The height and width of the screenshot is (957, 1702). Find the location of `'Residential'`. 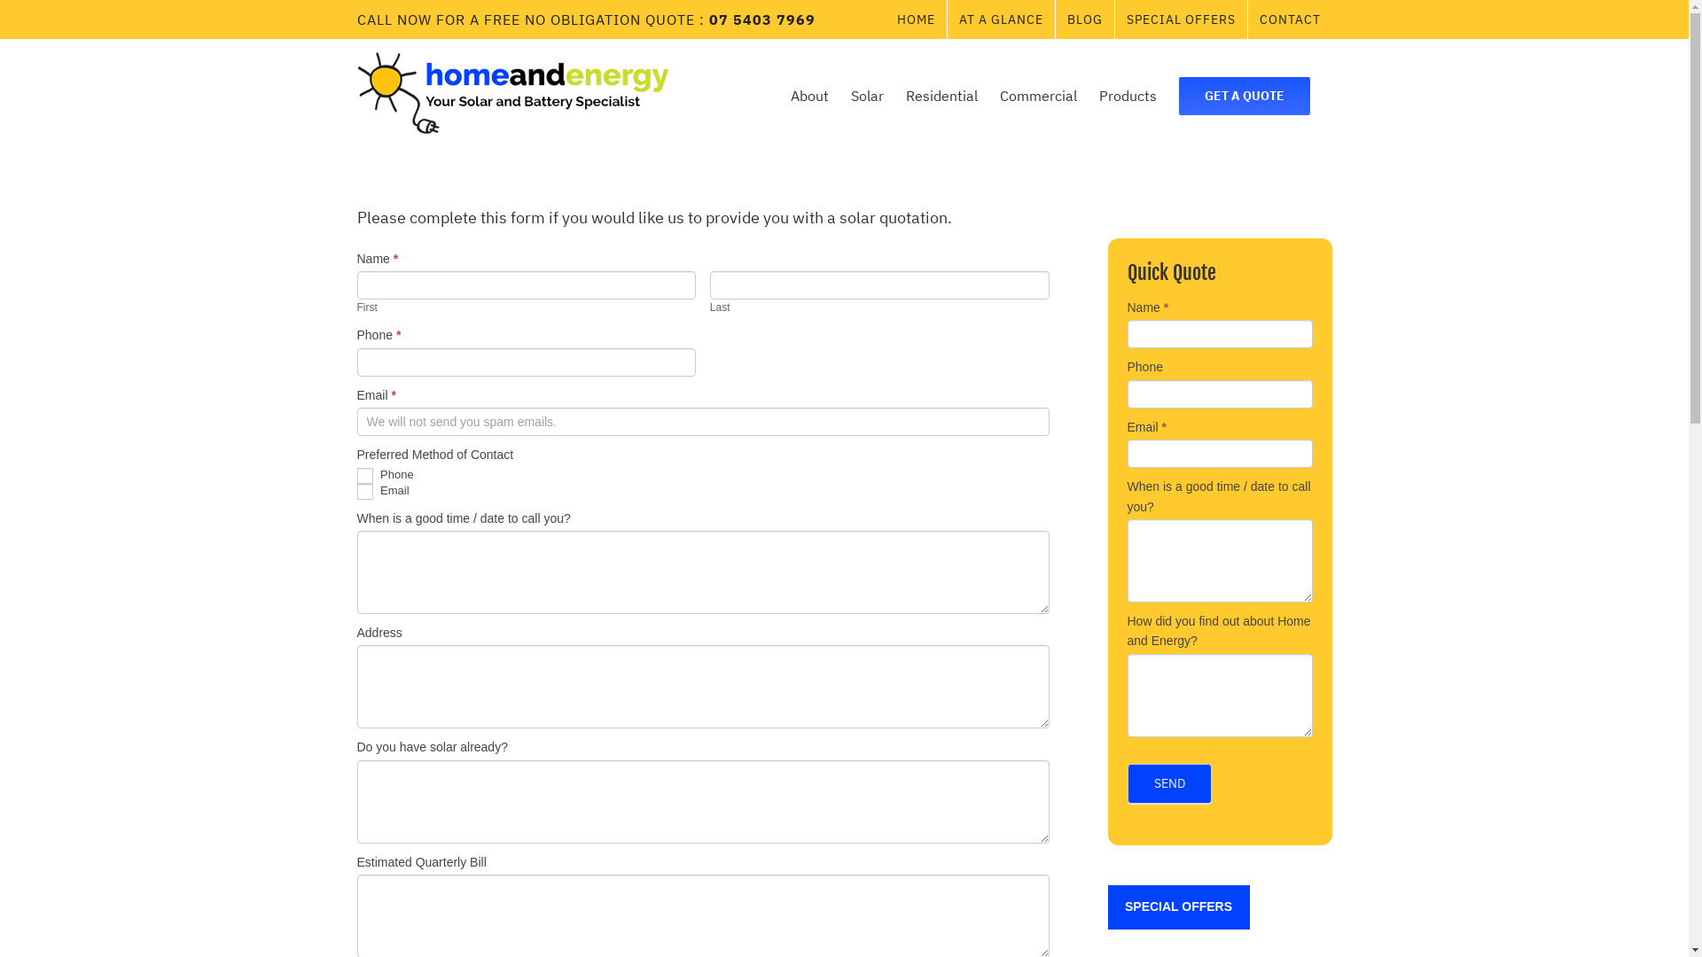

'Residential' is located at coordinates (941, 96).